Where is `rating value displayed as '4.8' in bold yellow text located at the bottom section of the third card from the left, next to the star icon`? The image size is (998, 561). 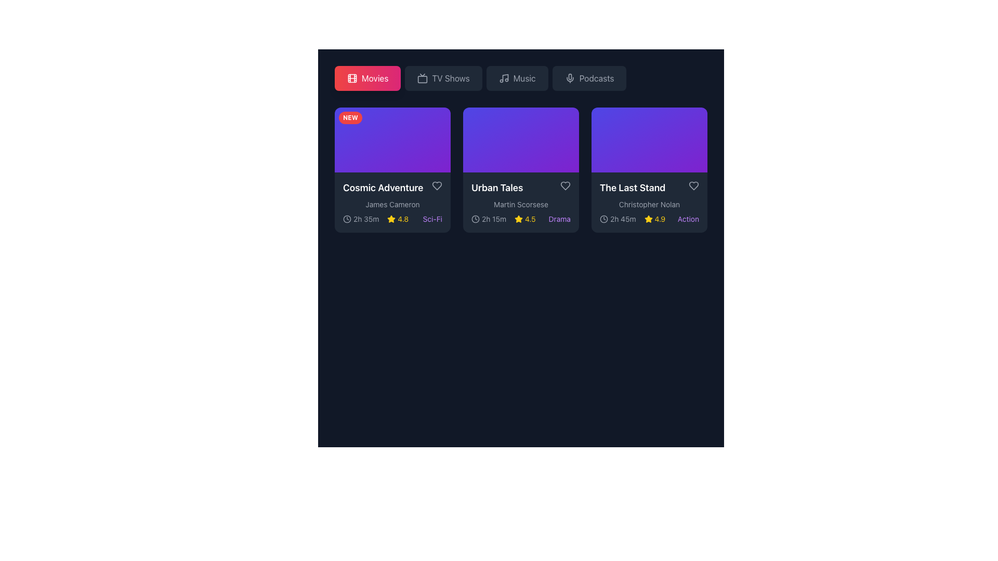 rating value displayed as '4.8' in bold yellow text located at the bottom section of the third card from the left, next to the star icon is located at coordinates (402, 219).